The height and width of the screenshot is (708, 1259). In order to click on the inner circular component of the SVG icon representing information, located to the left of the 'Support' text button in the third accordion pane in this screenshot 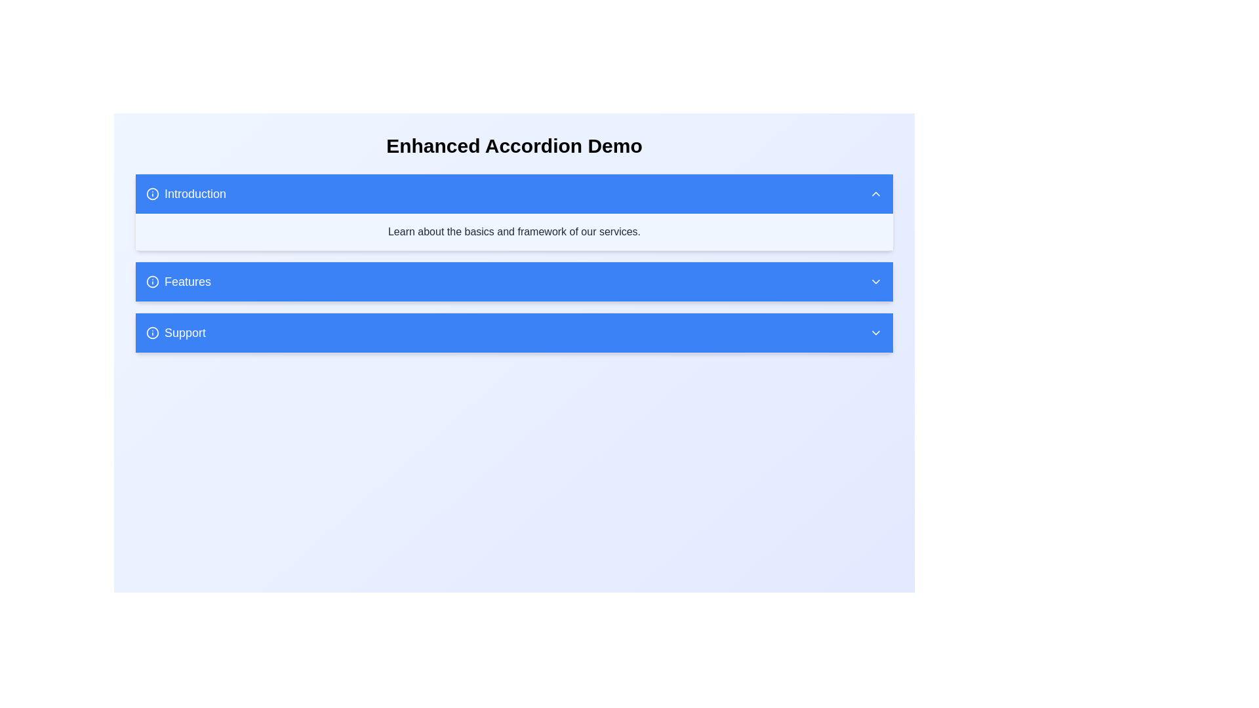, I will do `click(153, 331)`.